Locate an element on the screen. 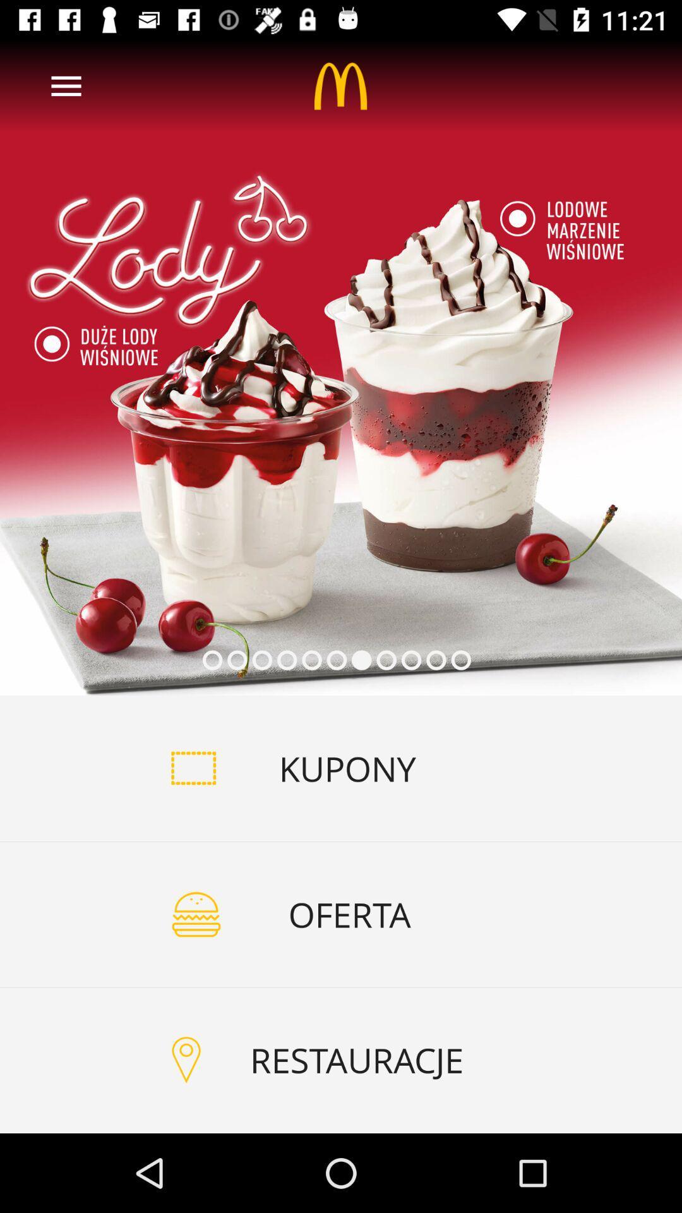 The image size is (682, 1213). previous is located at coordinates (66, 85).